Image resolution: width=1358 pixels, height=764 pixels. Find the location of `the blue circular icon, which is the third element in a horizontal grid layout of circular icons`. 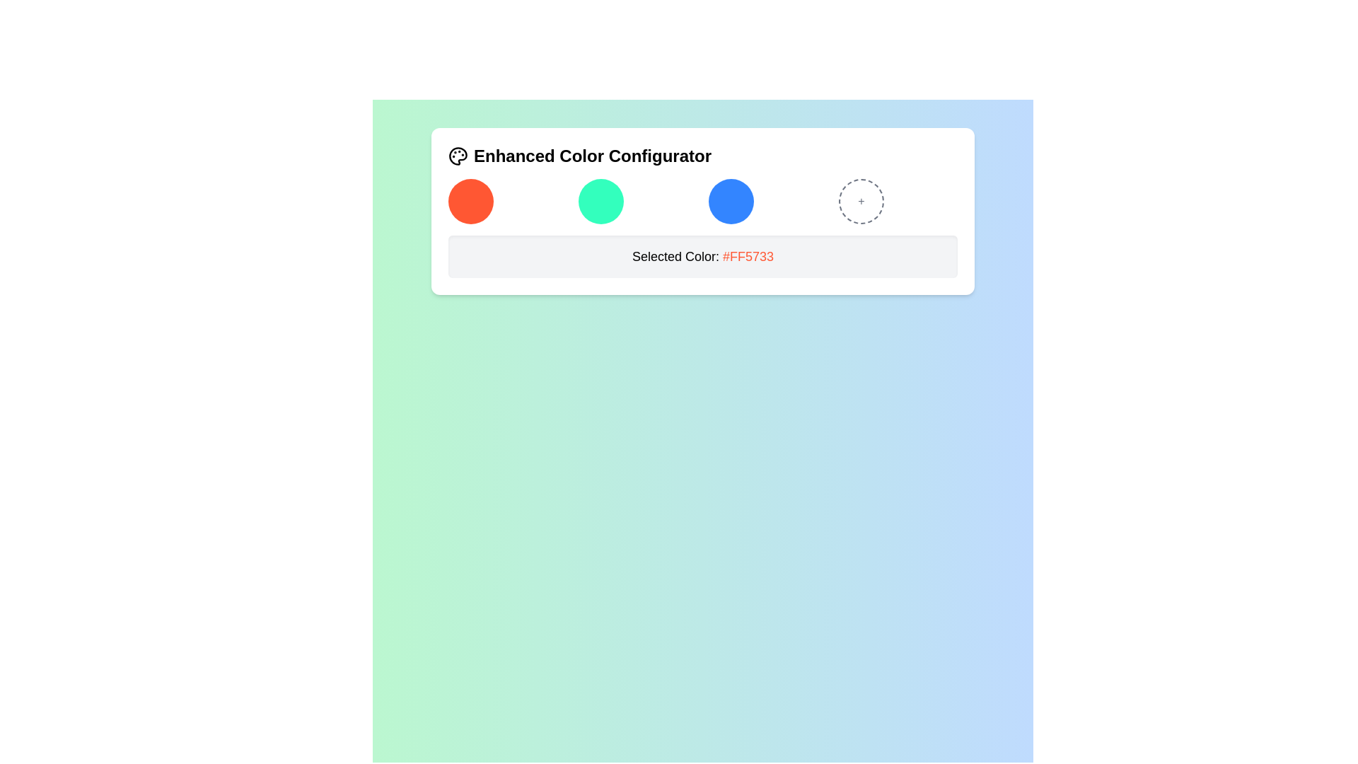

the blue circular icon, which is the third element in a horizontal grid layout of circular icons is located at coordinates (702, 202).